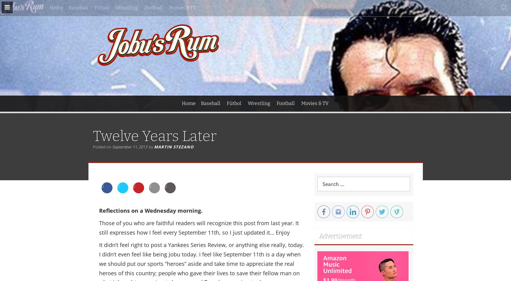 This screenshot has height=281, width=511. I want to click on 'Wrestling', so click(258, 103).